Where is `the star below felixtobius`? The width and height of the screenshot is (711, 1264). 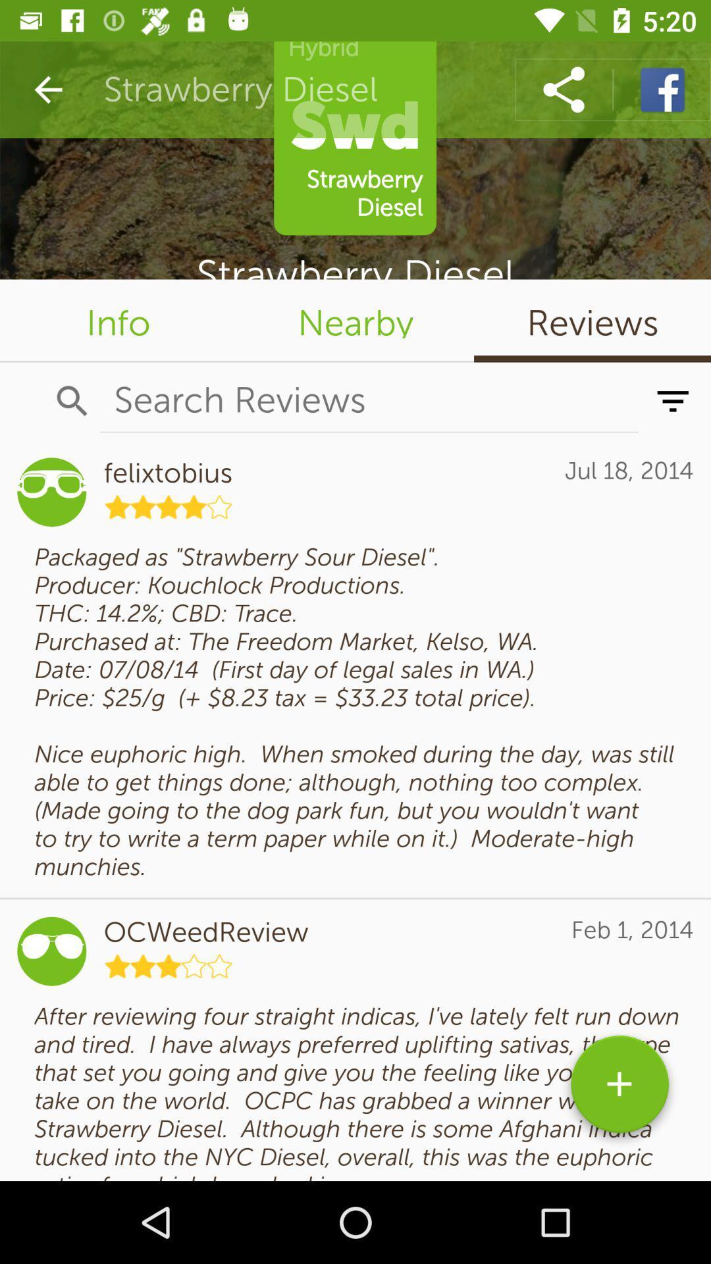 the star below felixtobius is located at coordinates (168, 506).